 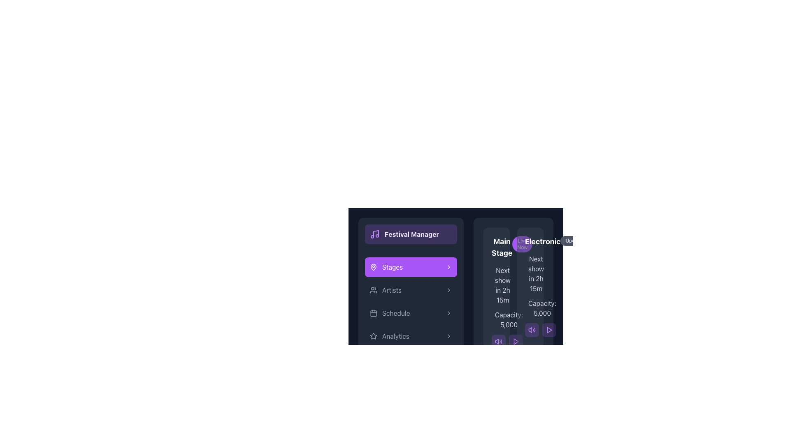 I want to click on the 'Festival Manager' icon located on the left panel at the top left corner of the purple rounded rectangular background labeled 'Festival Manager', so click(x=374, y=234).